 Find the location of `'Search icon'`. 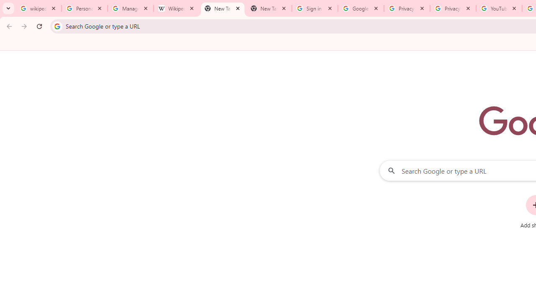

'Search icon' is located at coordinates (57, 26).